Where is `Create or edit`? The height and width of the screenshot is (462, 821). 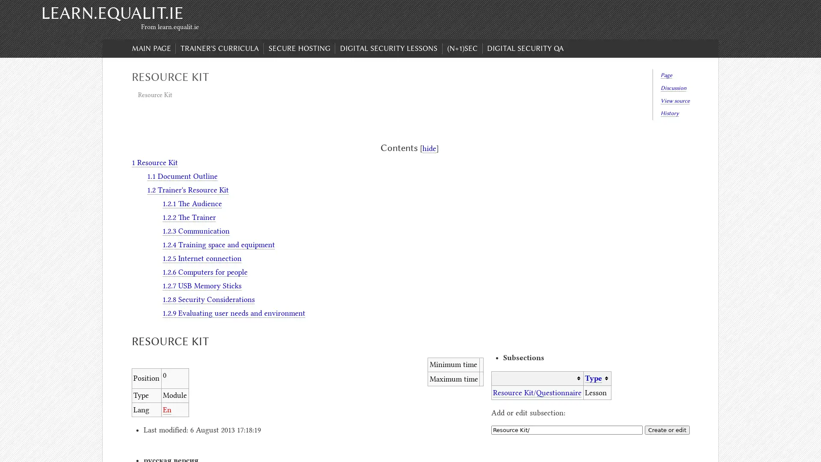 Create or edit is located at coordinates (666, 429).